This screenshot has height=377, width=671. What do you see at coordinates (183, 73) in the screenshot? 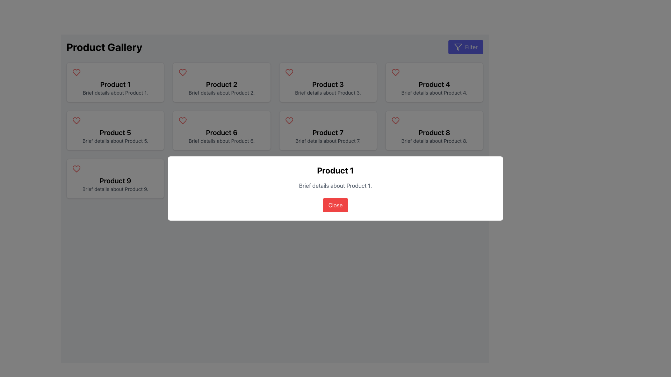
I see `the heart icon button located in the second column of the first row, adjacent to the text labeled 'Product 2'` at bounding box center [183, 73].